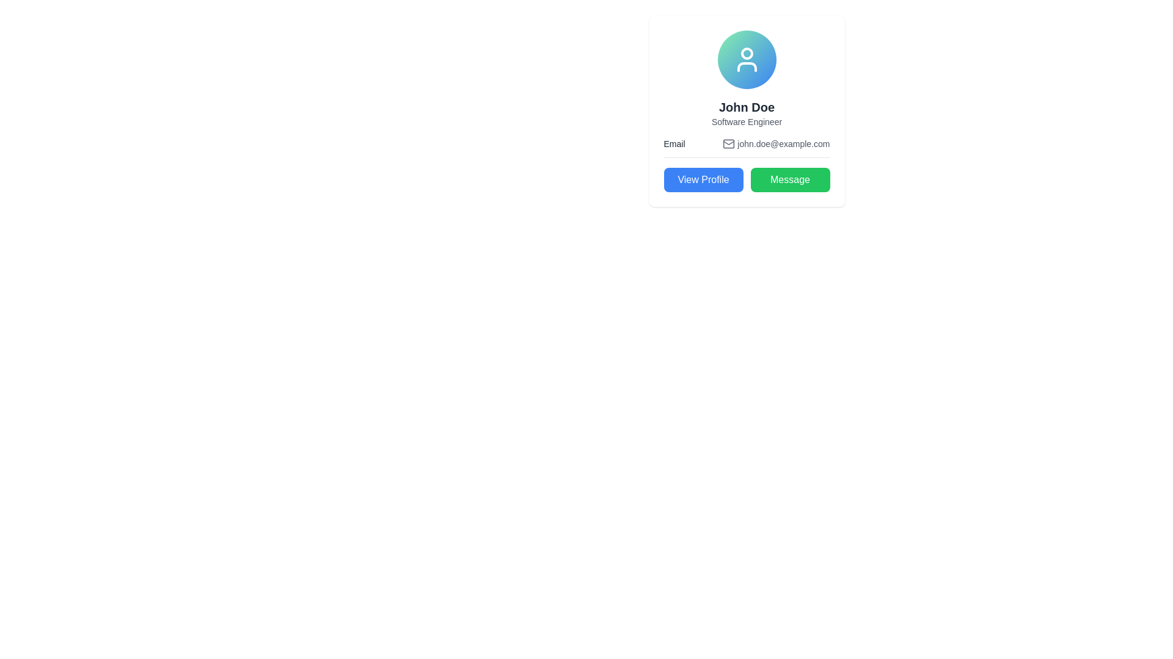 The image size is (1173, 659). What do you see at coordinates (746, 59) in the screenshot?
I see `the circular avatar with a gradient background transitioning from green to blue, located at the top center of the card above the user's name 'John Doe'` at bounding box center [746, 59].